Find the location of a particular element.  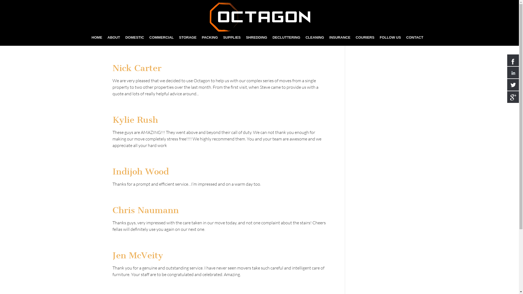

'ABOUT' is located at coordinates (113, 40).